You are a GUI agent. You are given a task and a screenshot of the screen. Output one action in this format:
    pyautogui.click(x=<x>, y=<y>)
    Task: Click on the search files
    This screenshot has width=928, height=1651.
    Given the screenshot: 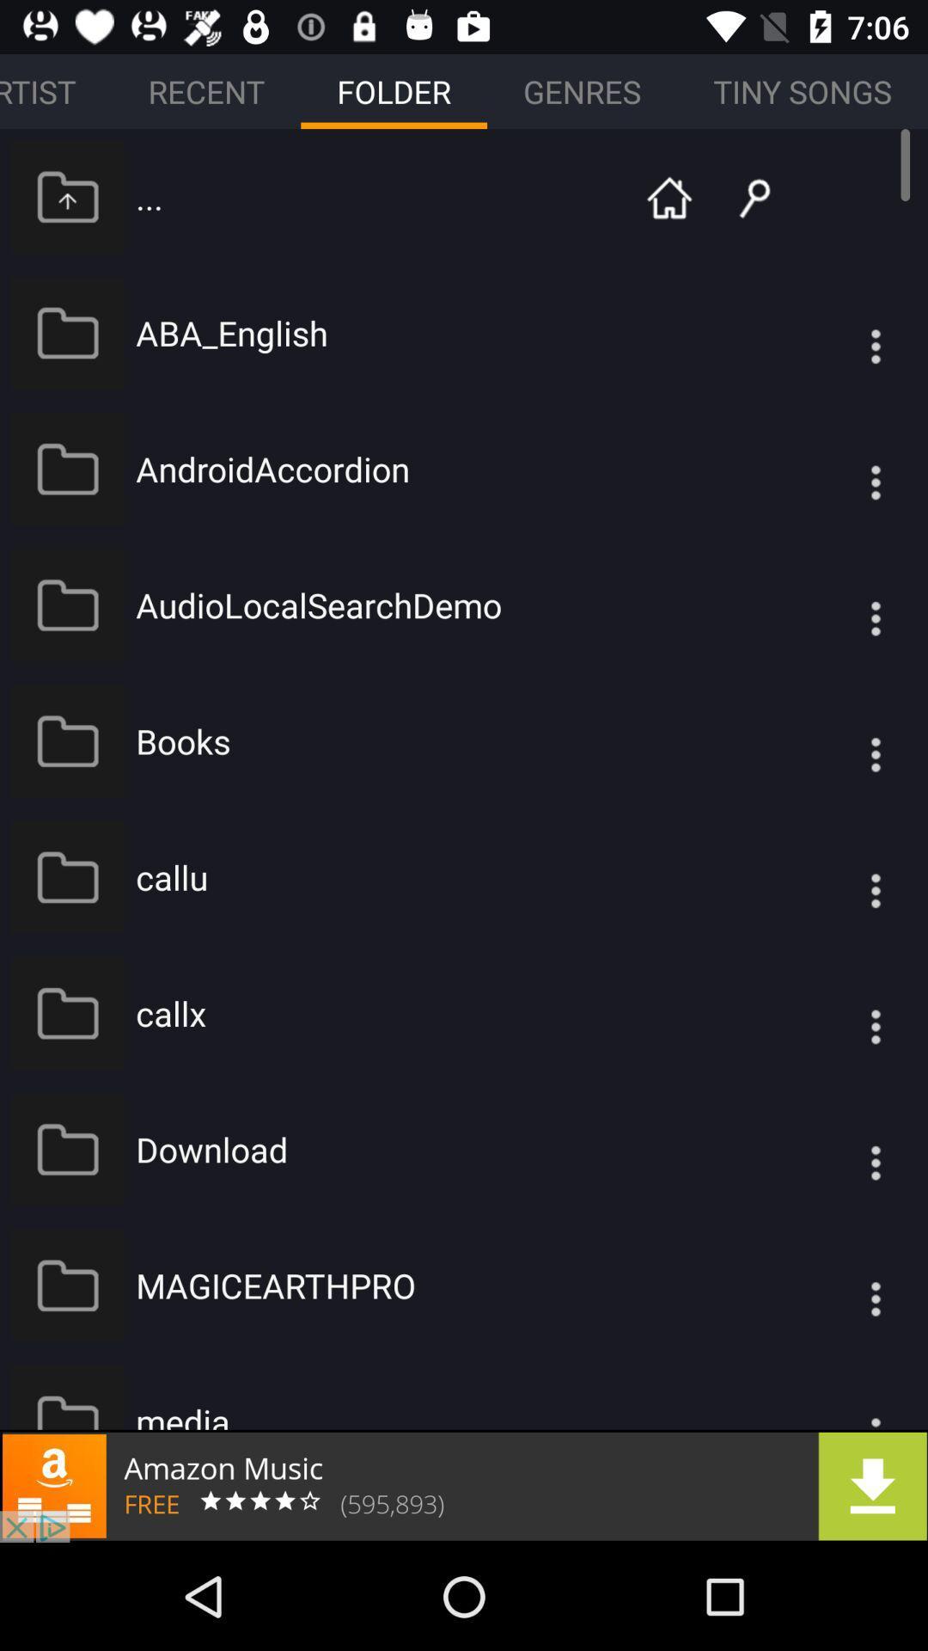 What is the action you would take?
    pyautogui.click(x=741, y=196)
    